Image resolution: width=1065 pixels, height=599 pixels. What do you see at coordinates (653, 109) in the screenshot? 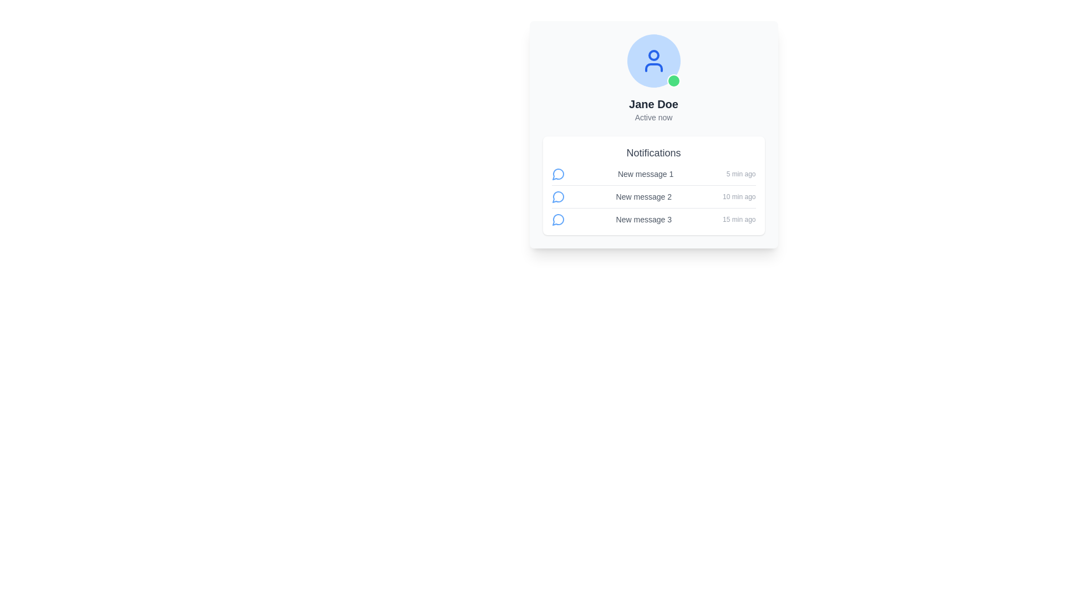
I see `the text display showing 'Jane Doe' and 'Active now'` at bounding box center [653, 109].